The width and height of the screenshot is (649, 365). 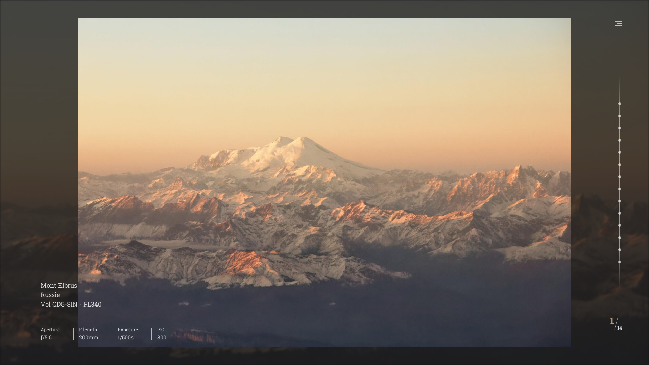 I want to click on '1', so click(x=611, y=320).